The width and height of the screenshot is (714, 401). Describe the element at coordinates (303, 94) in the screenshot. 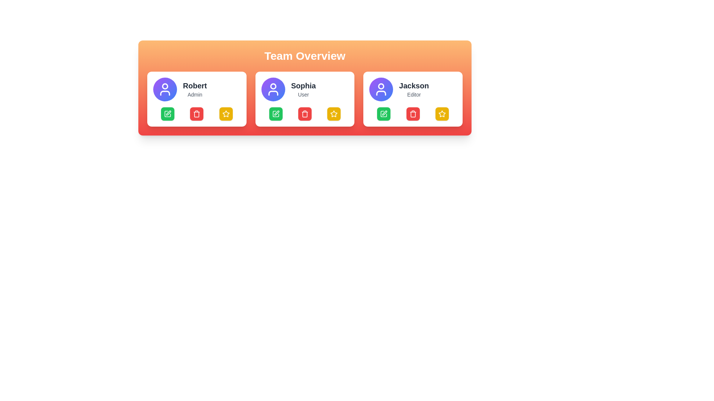

I see `the text label displaying 'User', which is styled in a small, gray font and located beneath the bold 'Sophia' label within the middle card layout` at that location.